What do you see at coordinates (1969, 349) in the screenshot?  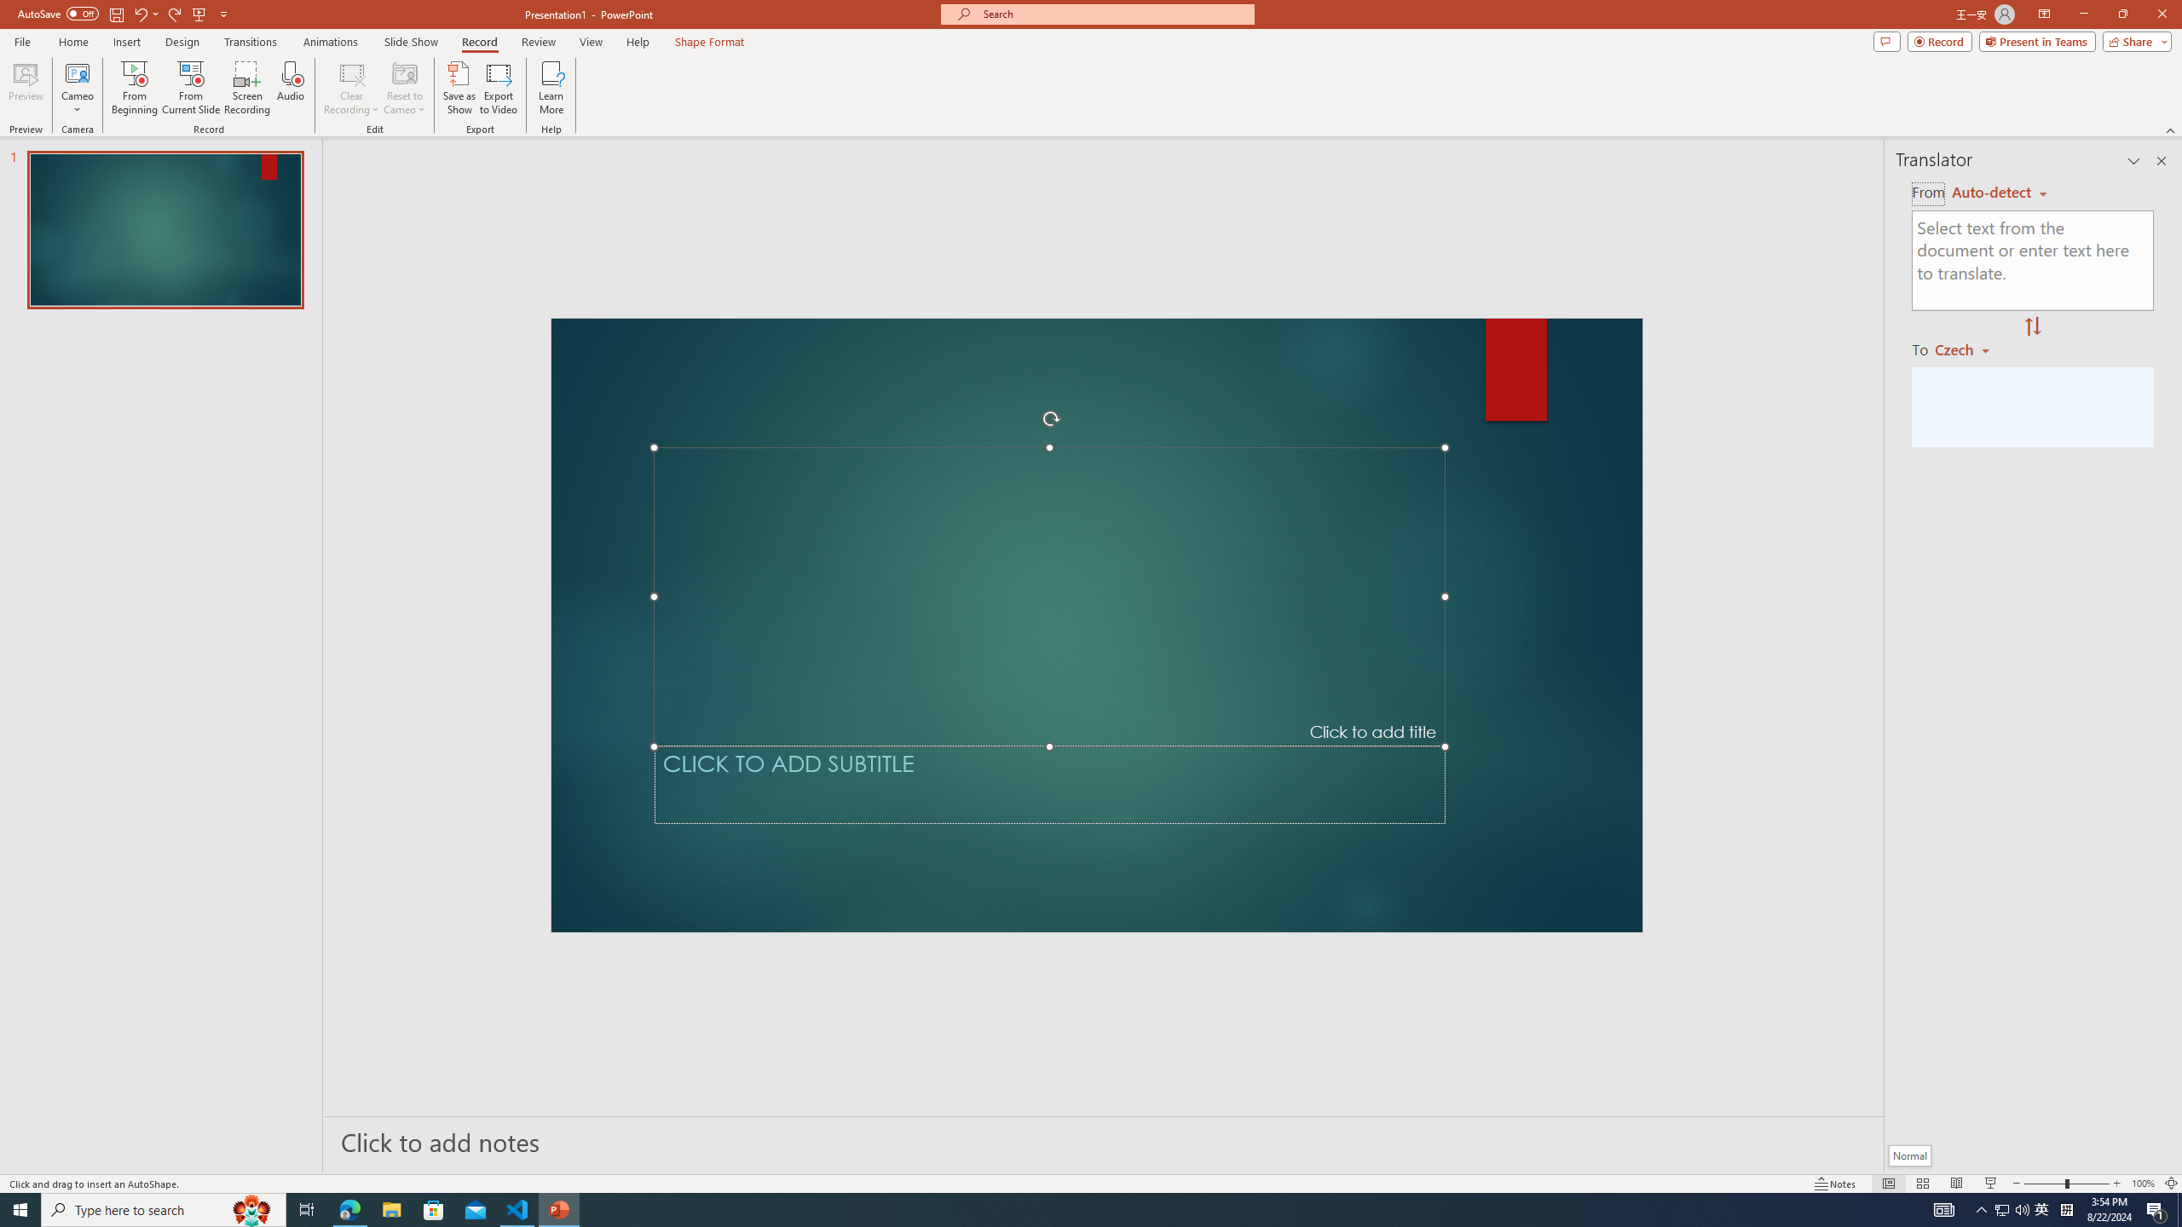 I see `'Czech'` at bounding box center [1969, 349].